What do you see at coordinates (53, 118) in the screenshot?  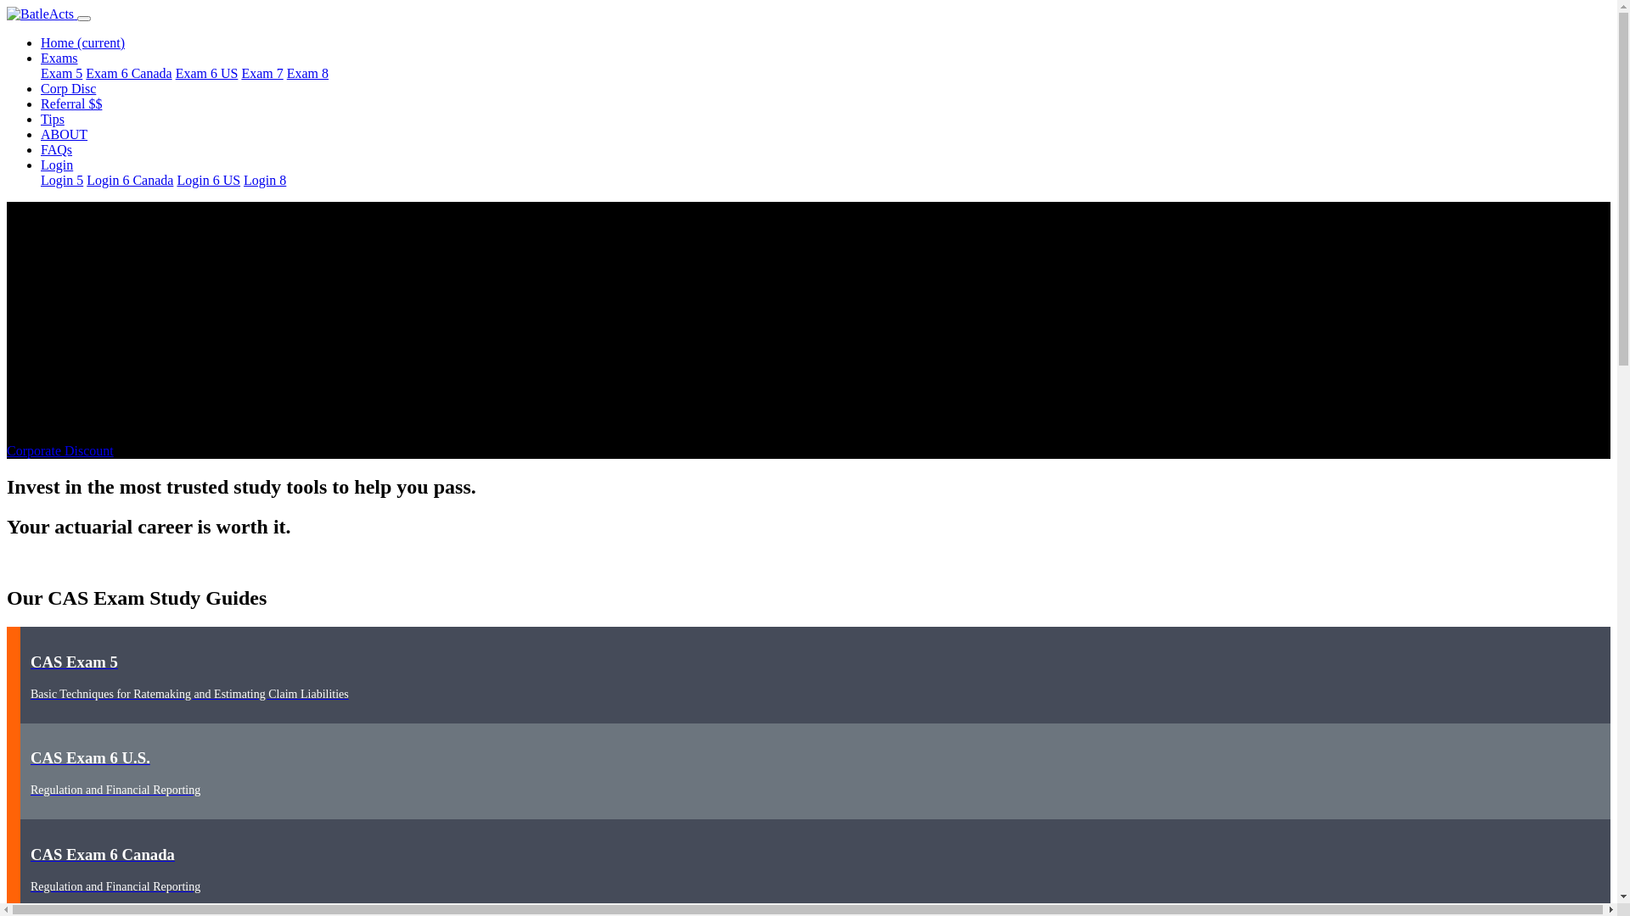 I see `'Tips'` at bounding box center [53, 118].